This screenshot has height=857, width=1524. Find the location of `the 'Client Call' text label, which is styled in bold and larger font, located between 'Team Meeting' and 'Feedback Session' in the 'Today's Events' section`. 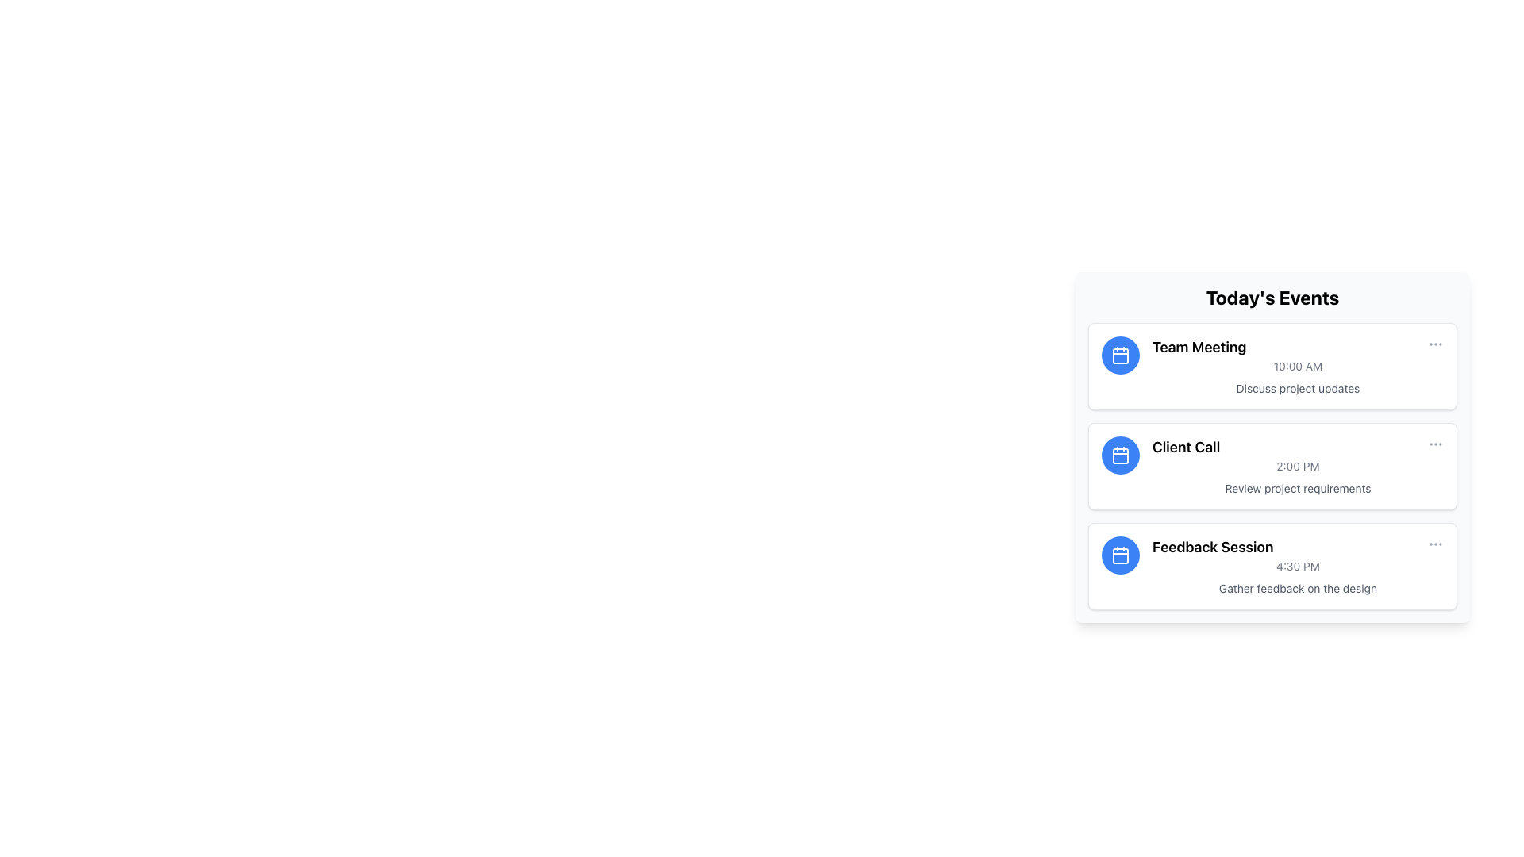

the 'Client Call' text label, which is styled in bold and larger font, located between 'Team Meeting' and 'Feedback Session' in the 'Today's Events' section is located at coordinates (1186, 447).